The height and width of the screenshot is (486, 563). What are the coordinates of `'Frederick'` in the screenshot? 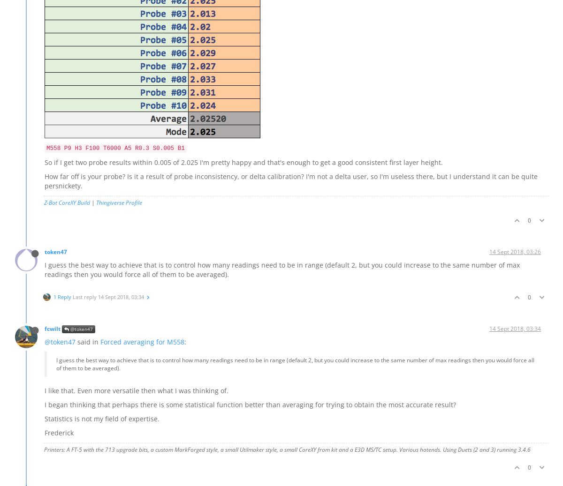 It's located at (59, 433).